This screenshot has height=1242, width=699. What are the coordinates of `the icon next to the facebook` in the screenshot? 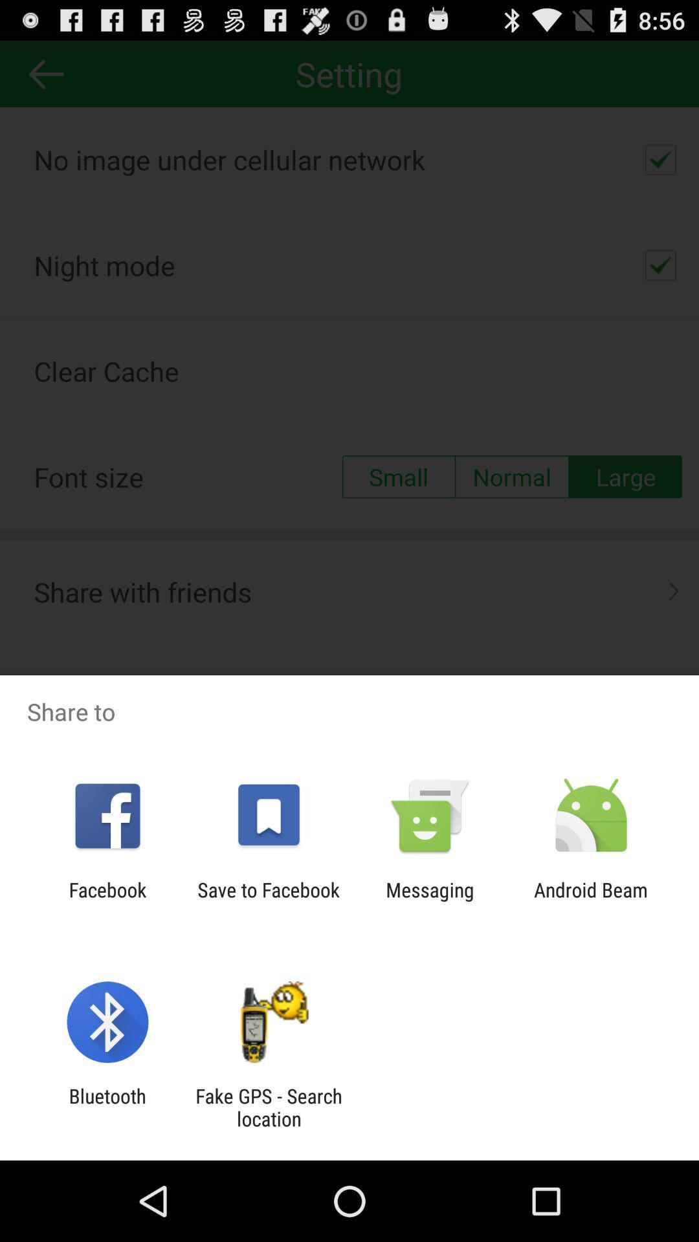 It's located at (268, 900).